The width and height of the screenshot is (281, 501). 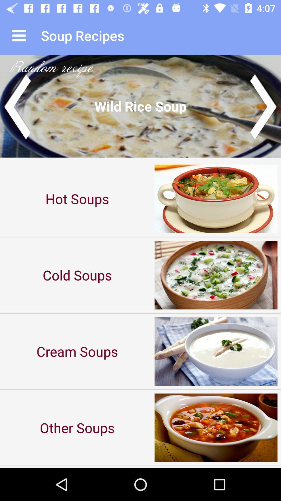 What do you see at coordinates (17, 106) in the screenshot?
I see `the arrow_backward icon` at bounding box center [17, 106].